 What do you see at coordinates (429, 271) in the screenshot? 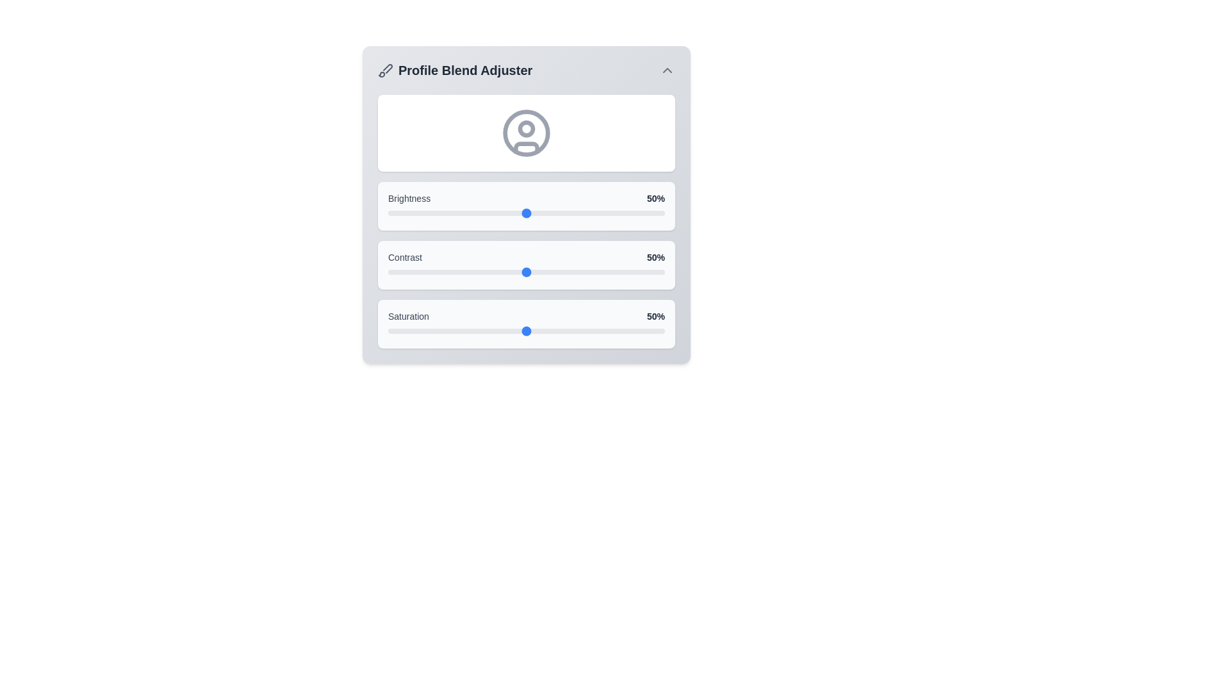
I see `contrast` at bounding box center [429, 271].